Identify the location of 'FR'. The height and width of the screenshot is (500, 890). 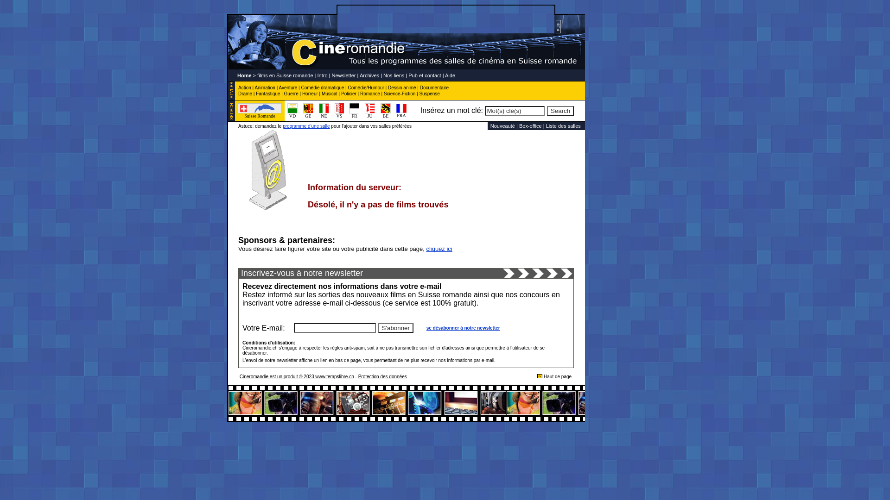
(354, 113).